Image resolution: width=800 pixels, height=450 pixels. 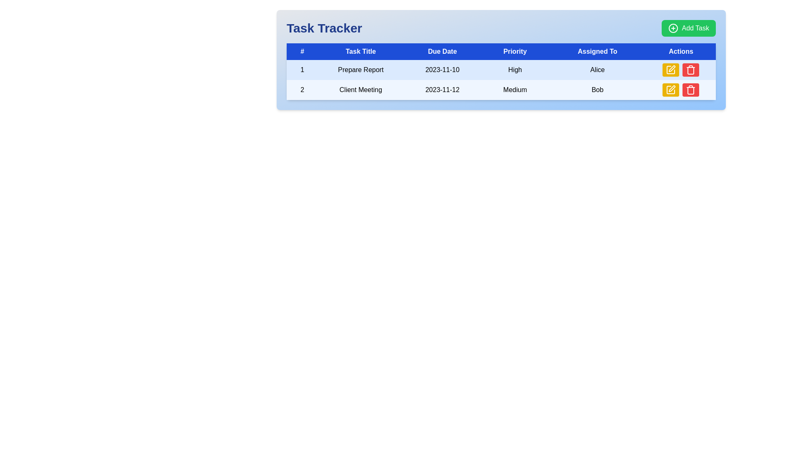 I want to click on the static text label displaying 'Alice' in the 'Assigned To' column of the task management table, so click(x=597, y=70).